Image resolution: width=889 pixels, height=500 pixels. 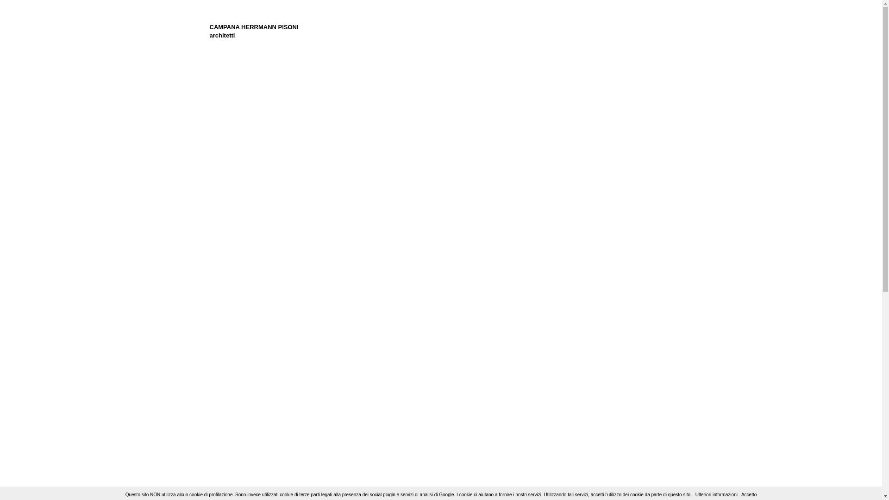 What do you see at coordinates (716, 494) in the screenshot?
I see `'Ulteriori informazioni'` at bounding box center [716, 494].